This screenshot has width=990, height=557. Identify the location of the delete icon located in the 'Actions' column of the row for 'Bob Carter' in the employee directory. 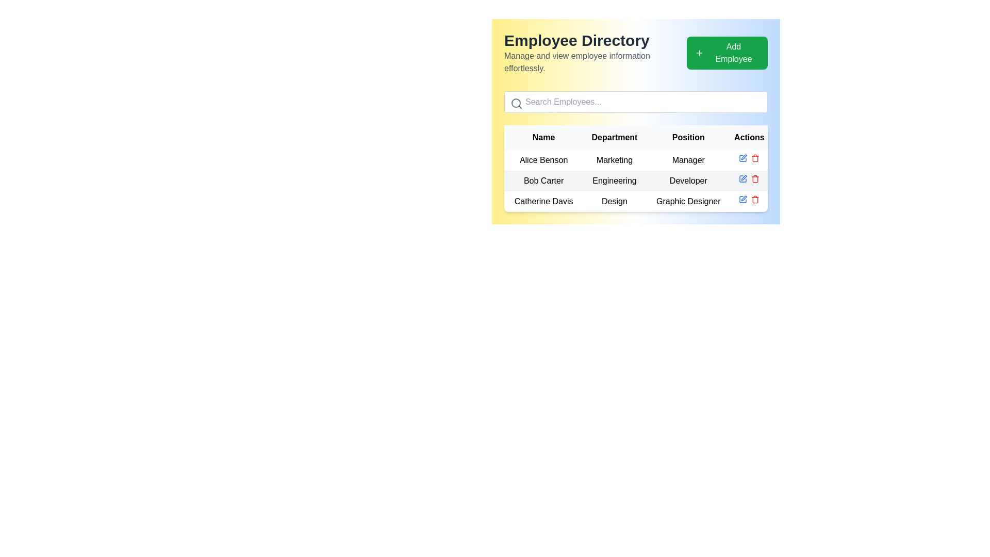
(755, 179).